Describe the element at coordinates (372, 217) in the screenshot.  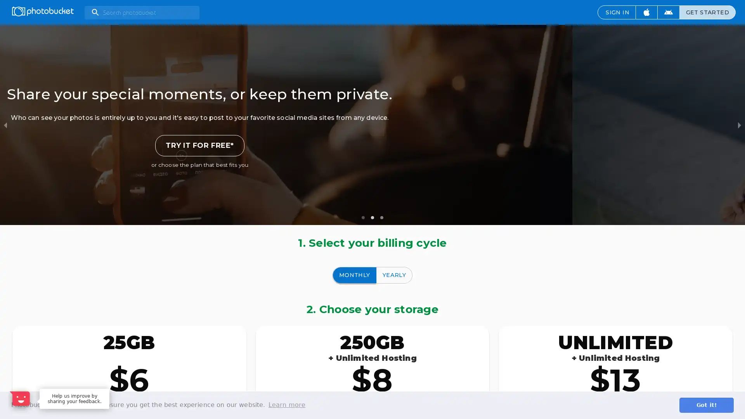
I see `slide item 2` at that location.